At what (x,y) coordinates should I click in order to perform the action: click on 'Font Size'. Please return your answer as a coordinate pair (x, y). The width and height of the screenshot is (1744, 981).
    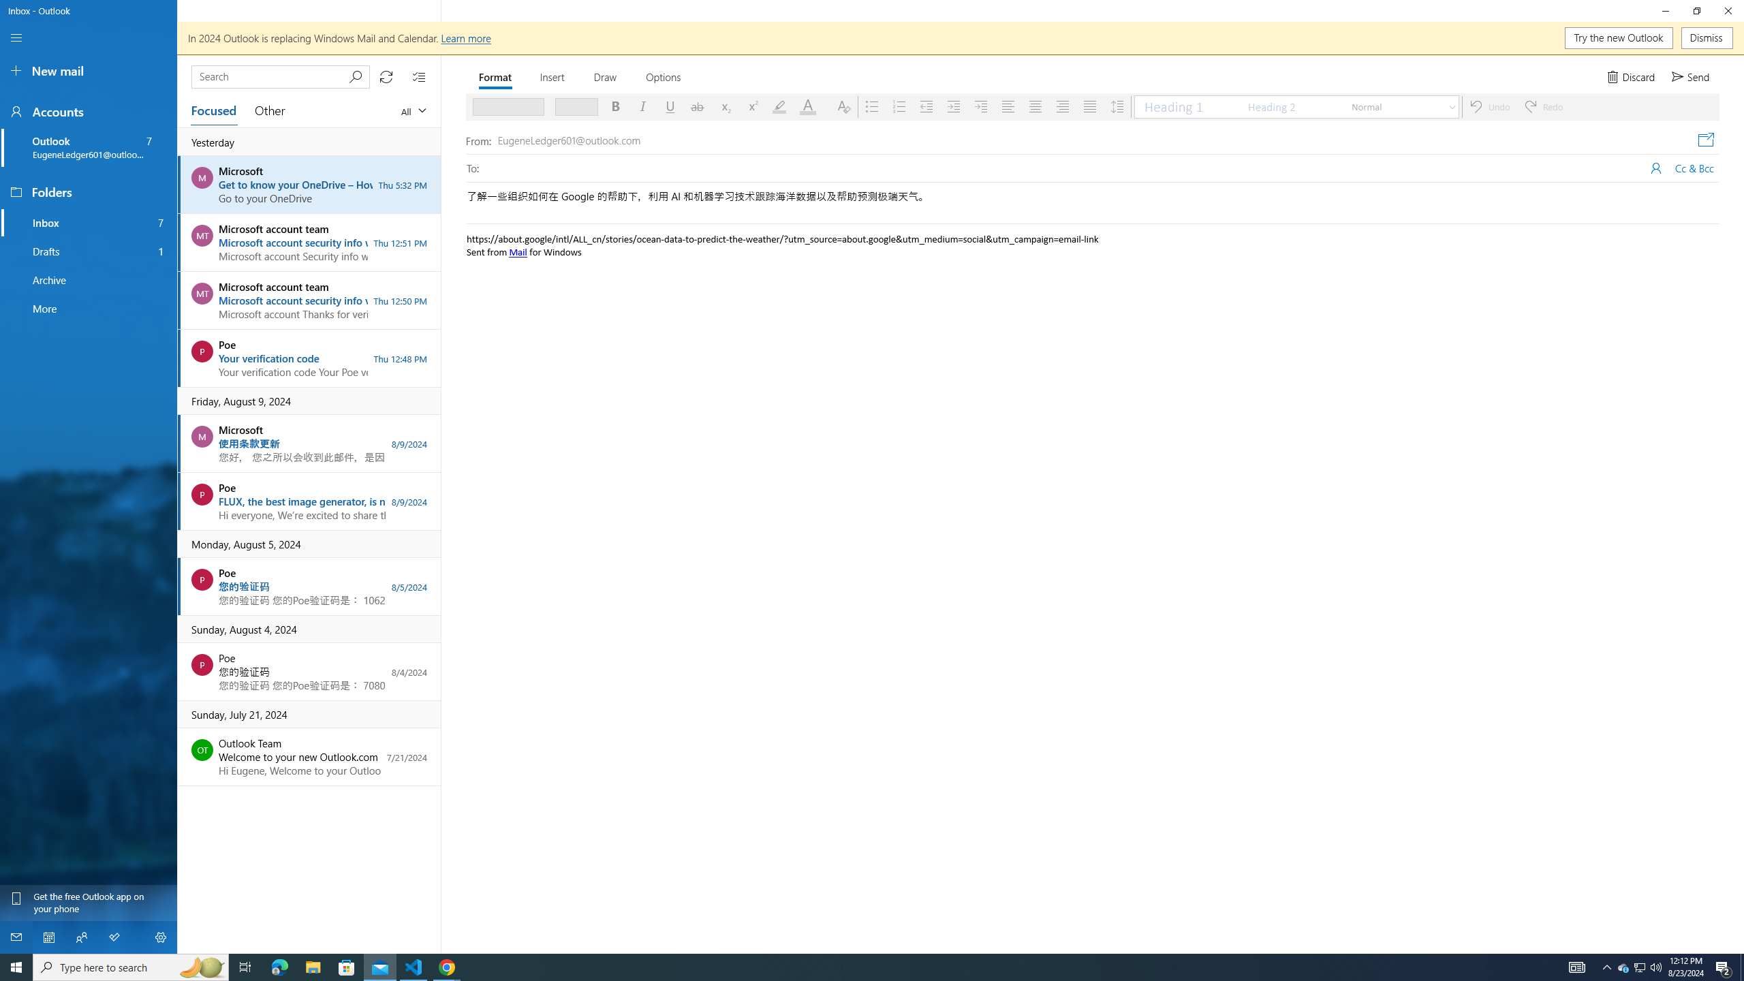
    Looking at the image, I should click on (572, 106).